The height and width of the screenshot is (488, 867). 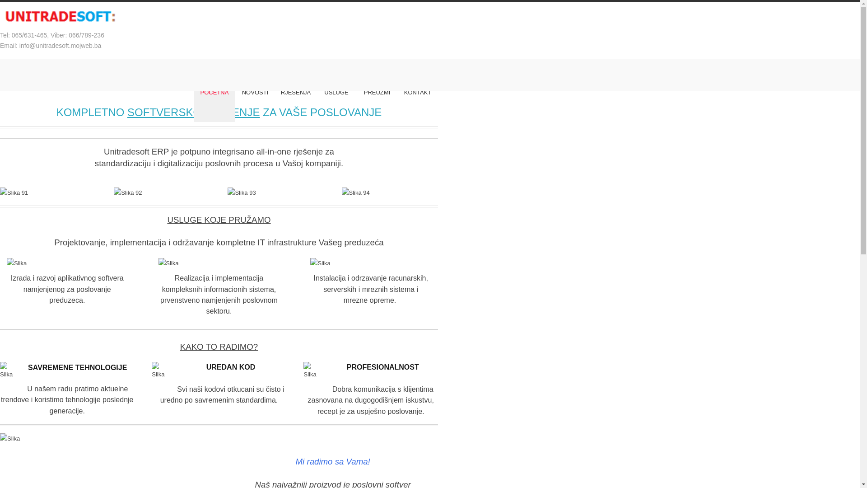 What do you see at coordinates (417, 92) in the screenshot?
I see `'KONTAKT'` at bounding box center [417, 92].